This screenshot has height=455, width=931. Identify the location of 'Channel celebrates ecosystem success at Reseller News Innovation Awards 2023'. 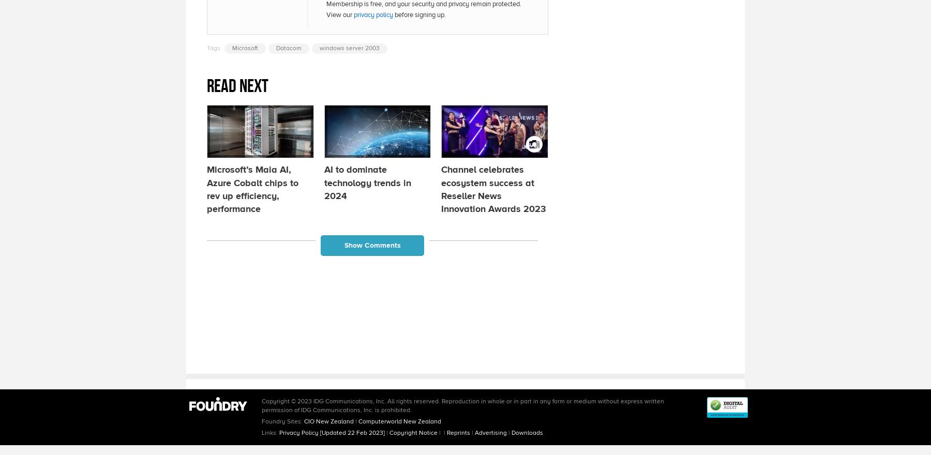
(493, 189).